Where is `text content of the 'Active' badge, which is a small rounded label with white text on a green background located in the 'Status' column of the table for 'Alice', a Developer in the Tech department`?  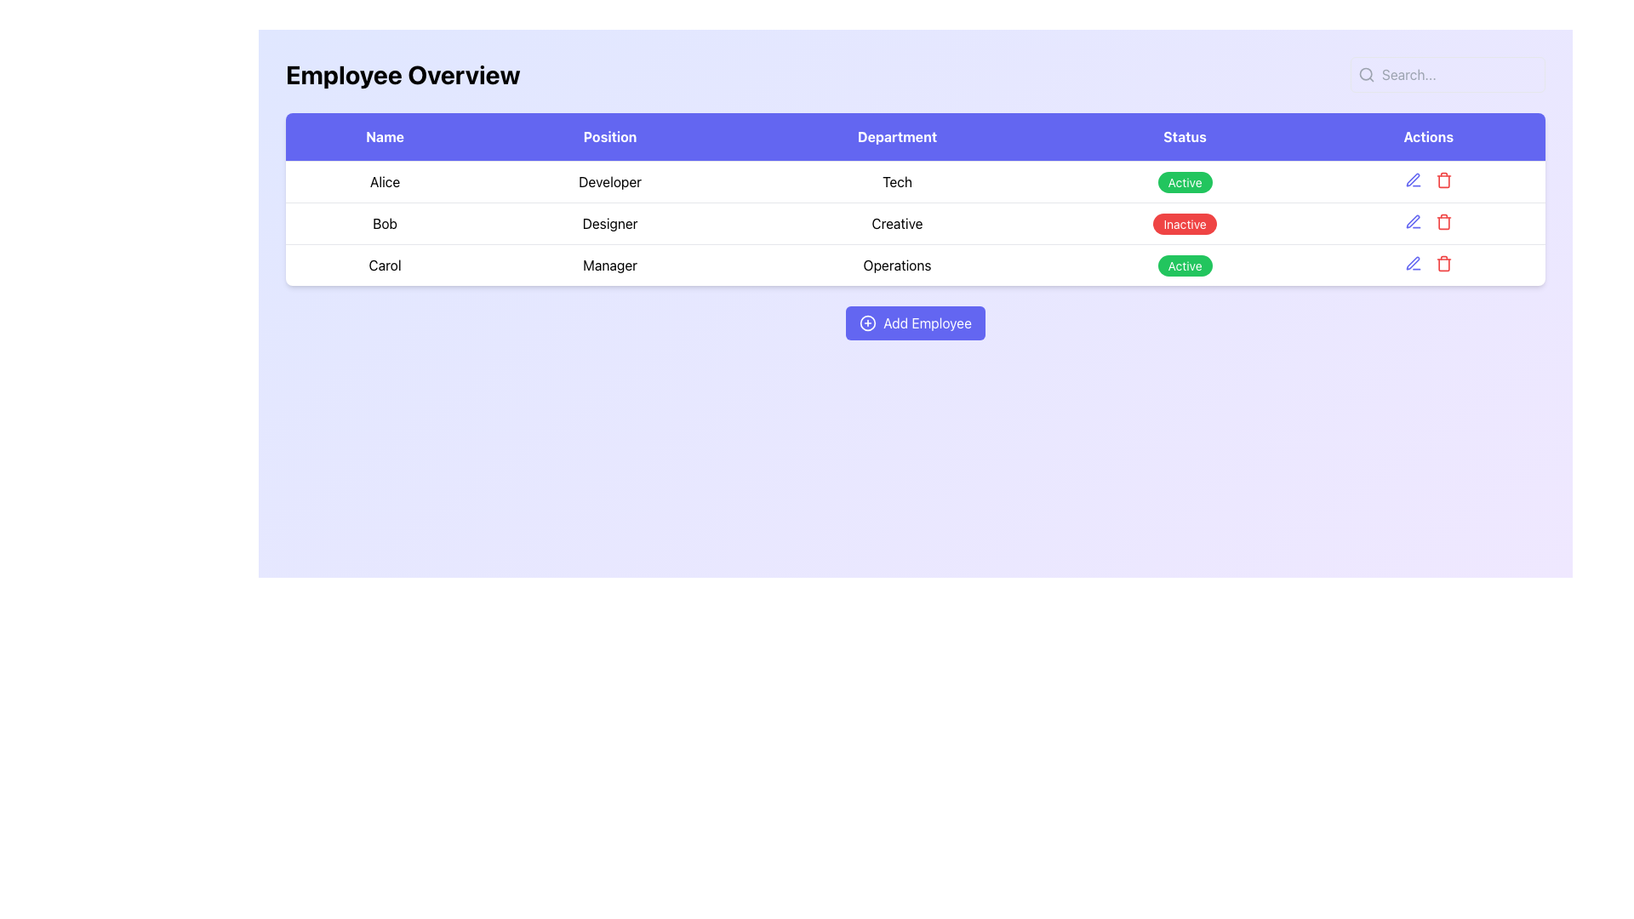
text content of the 'Active' badge, which is a small rounded label with white text on a green background located in the 'Status' column of the table for 'Alice', a Developer in the Tech department is located at coordinates (1184, 181).